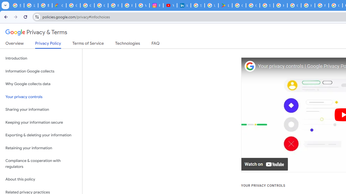  I want to click on 'Google Workspace - Specific Terms', so click(252, 5).